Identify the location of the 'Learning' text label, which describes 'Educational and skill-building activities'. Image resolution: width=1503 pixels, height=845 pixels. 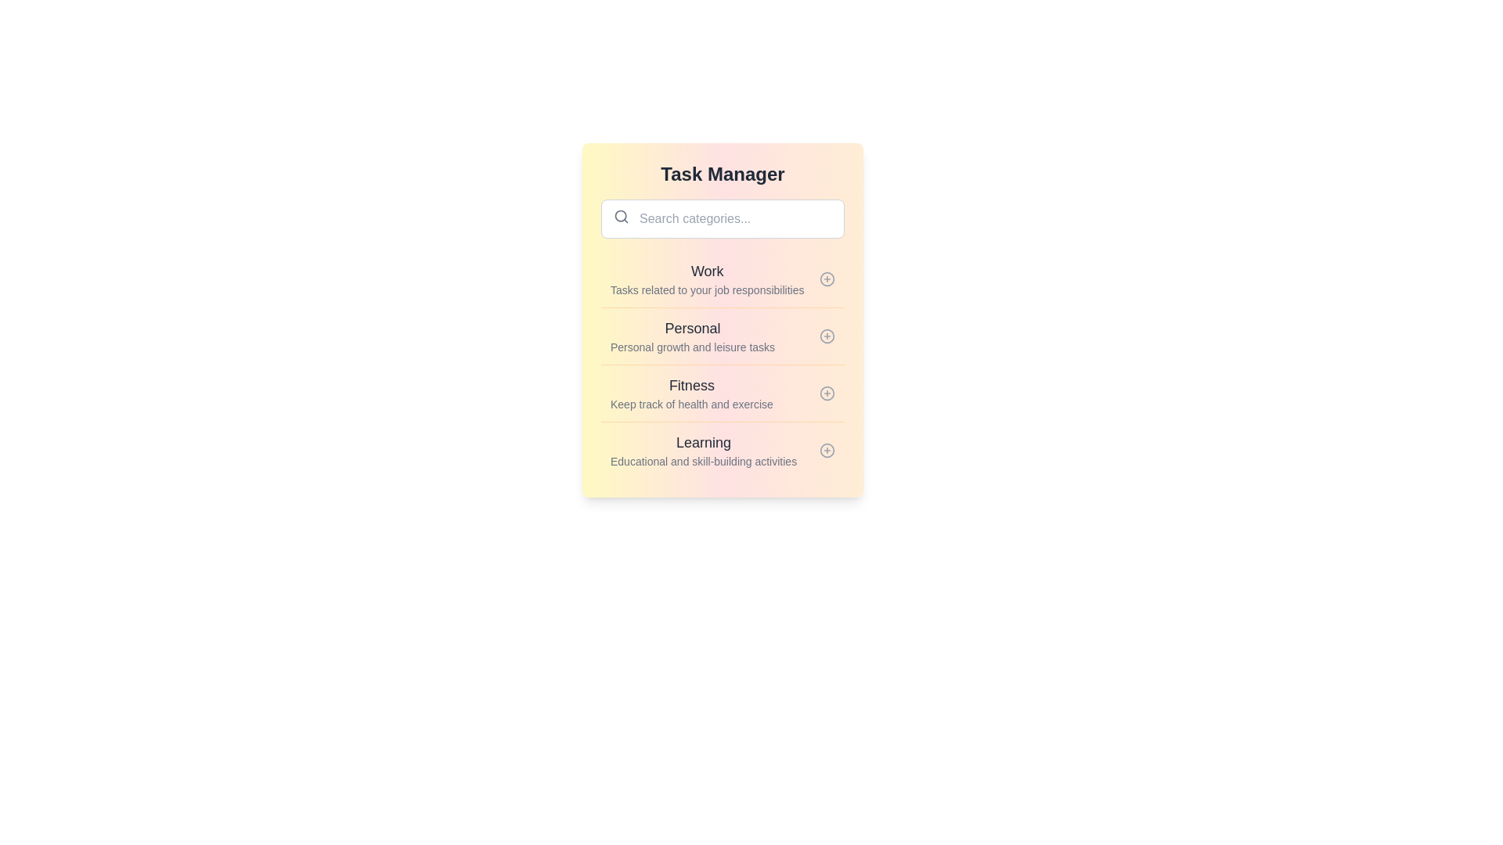
(703, 450).